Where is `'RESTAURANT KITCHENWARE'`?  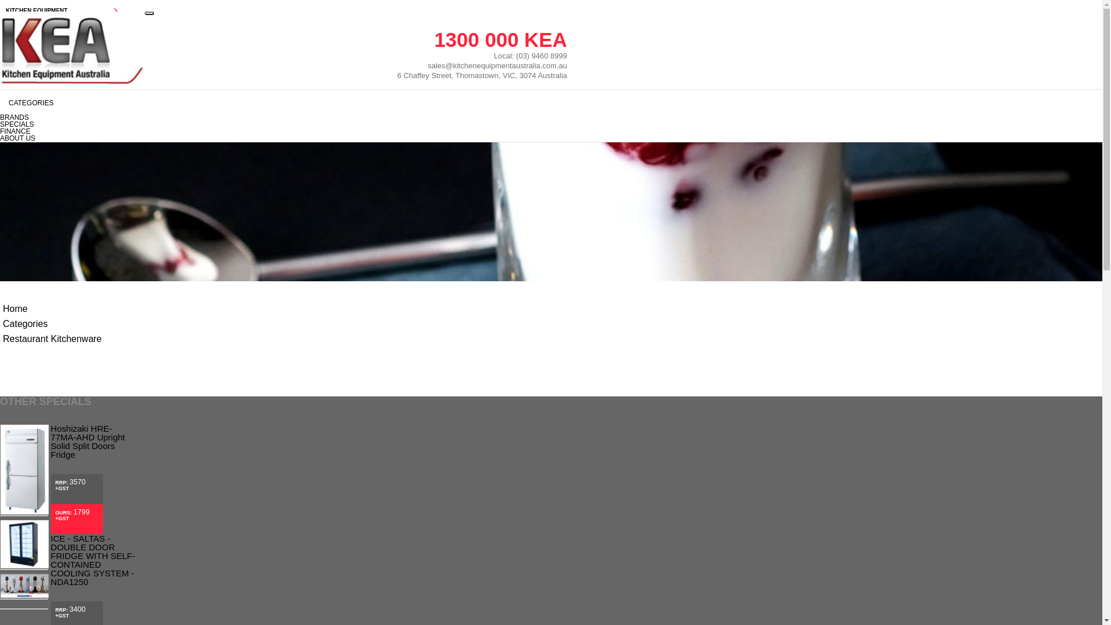
'RESTAURANT KITCHENWARE' is located at coordinates (0, 302).